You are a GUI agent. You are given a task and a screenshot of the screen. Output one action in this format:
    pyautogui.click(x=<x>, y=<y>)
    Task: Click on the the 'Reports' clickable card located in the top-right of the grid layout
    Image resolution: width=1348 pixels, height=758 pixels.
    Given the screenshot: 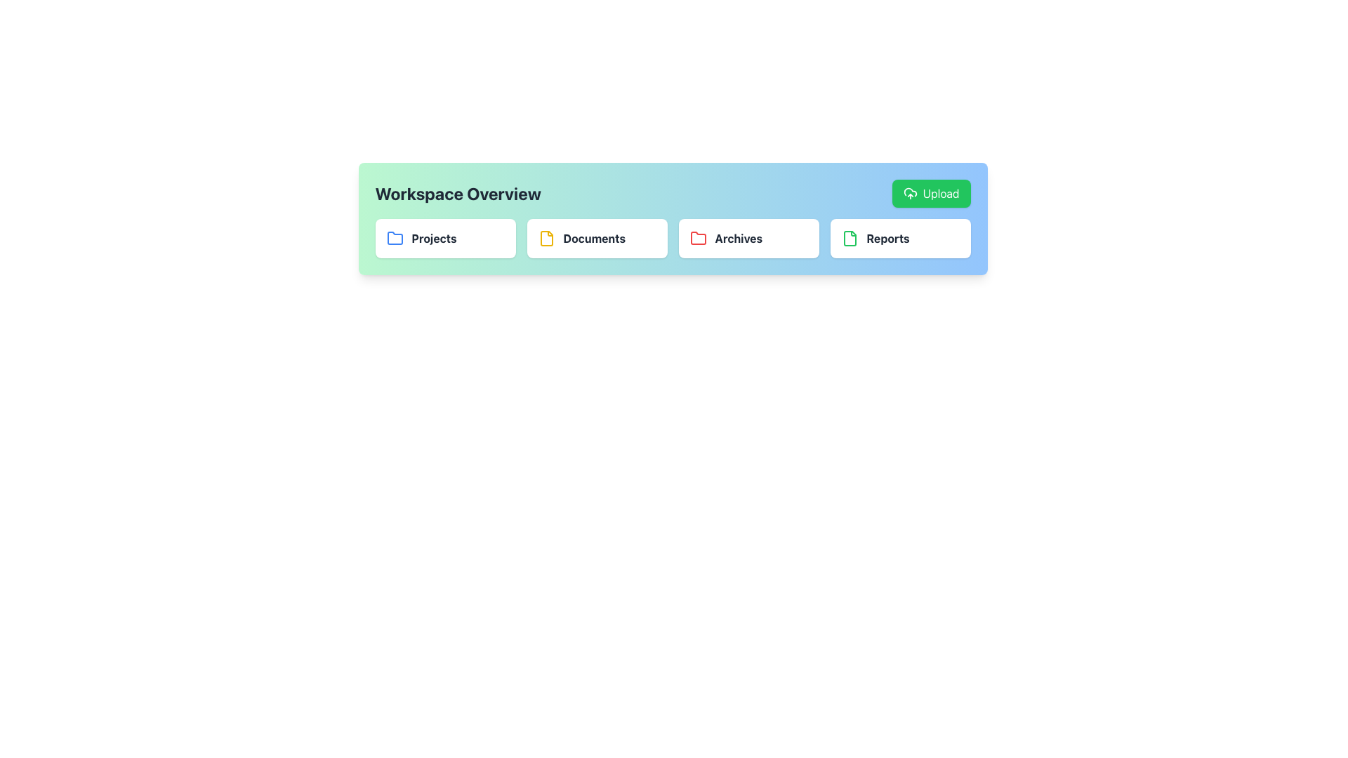 What is the action you would take?
    pyautogui.click(x=900, y=237)
    